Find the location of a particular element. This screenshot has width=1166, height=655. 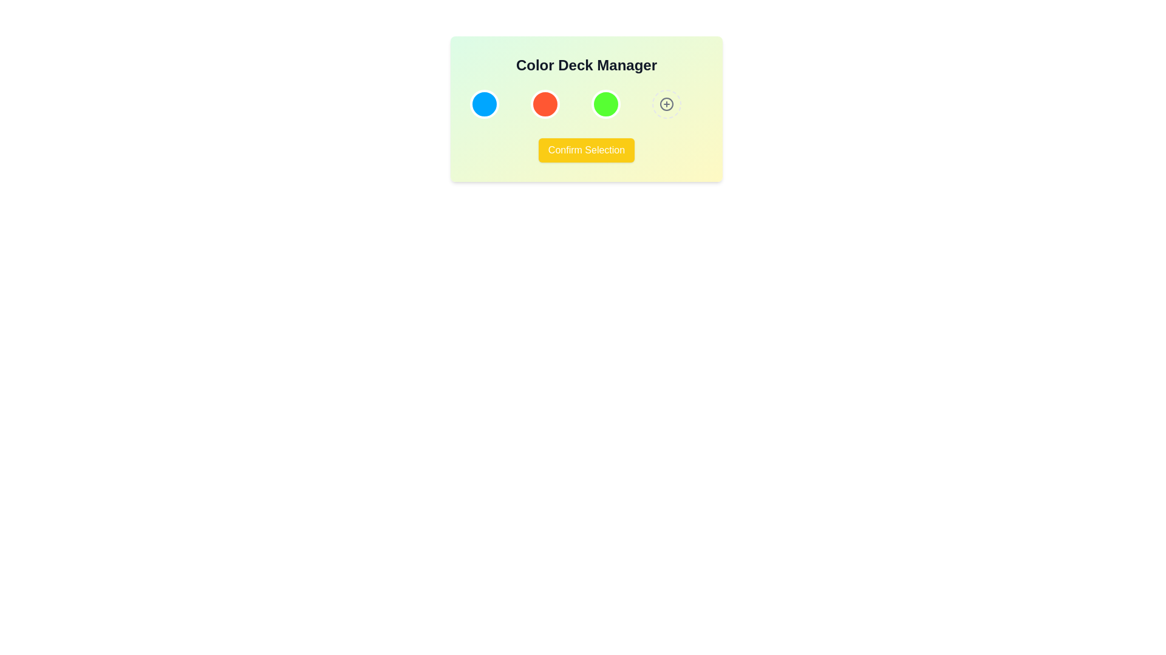

the first selectable circle, which is a blue filled circle with a white border, located near the top center of the interface is located at coordinates (483, 104).